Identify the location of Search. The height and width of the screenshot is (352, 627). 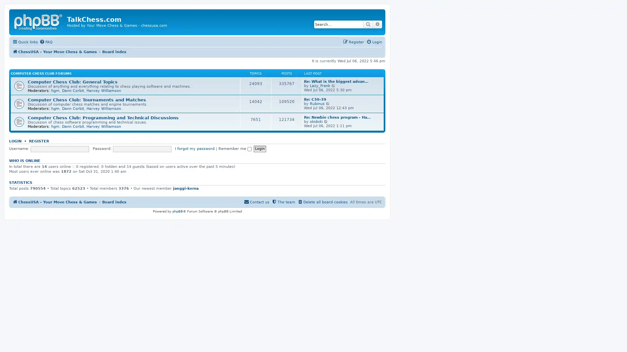
(368, 24).